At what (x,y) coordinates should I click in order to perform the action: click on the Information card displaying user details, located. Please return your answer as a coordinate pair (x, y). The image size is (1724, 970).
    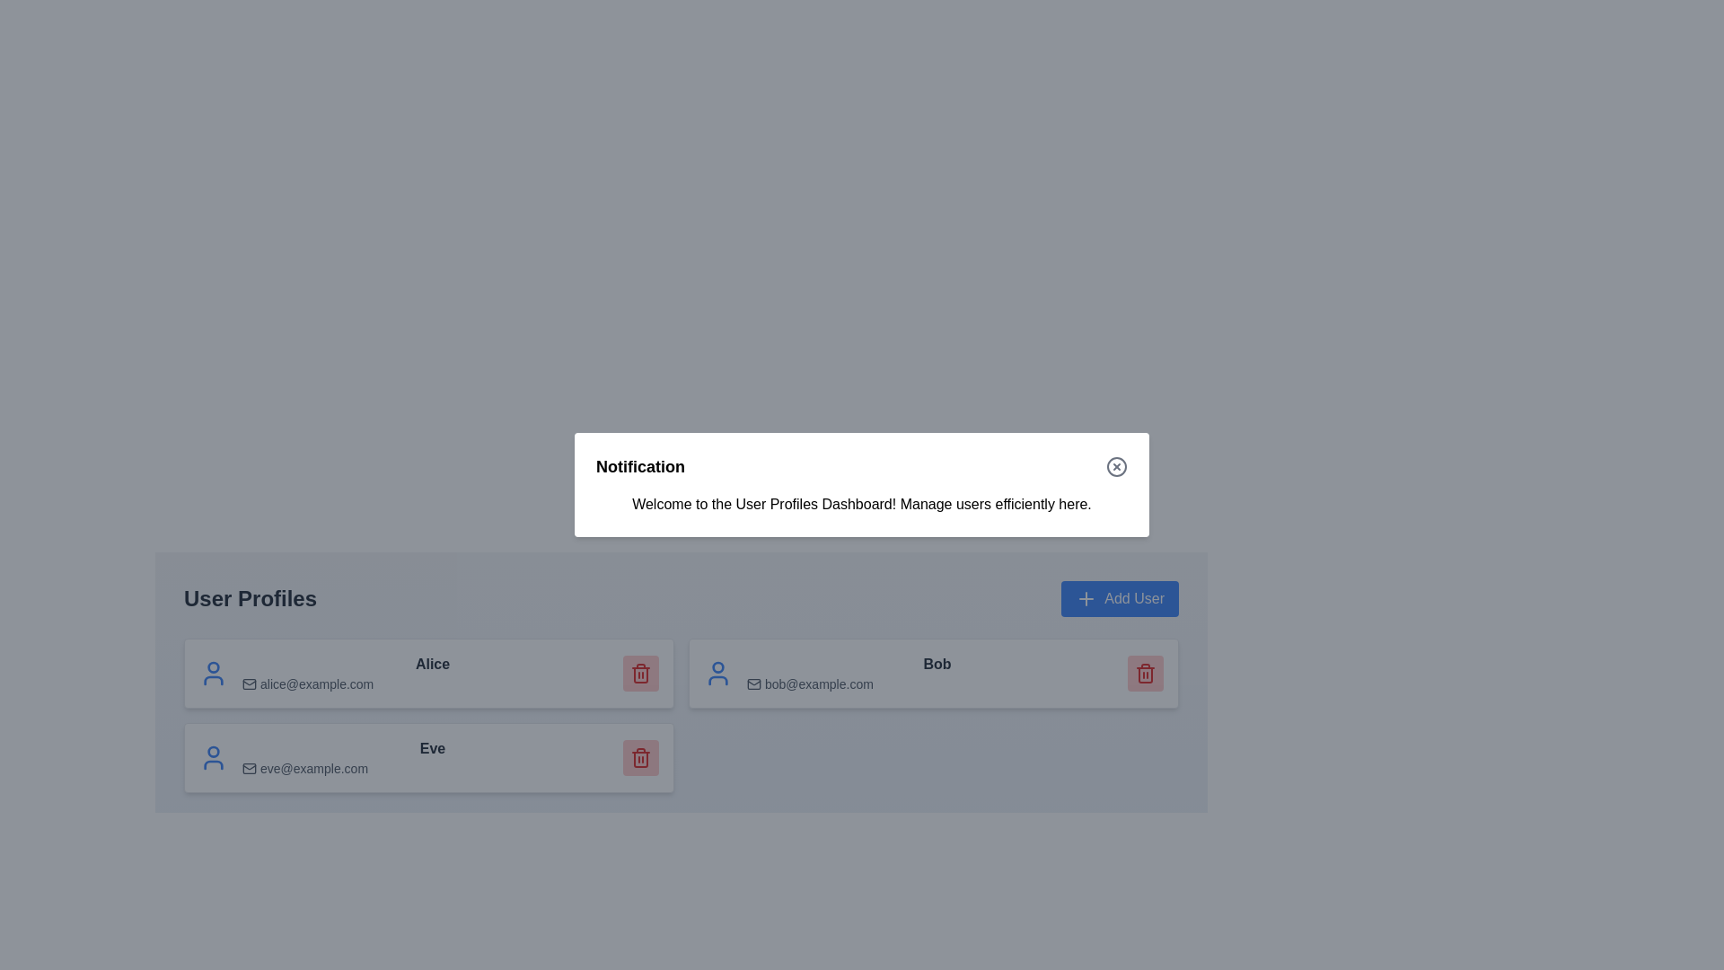
    Looking at the image, I should click on (934, 673).